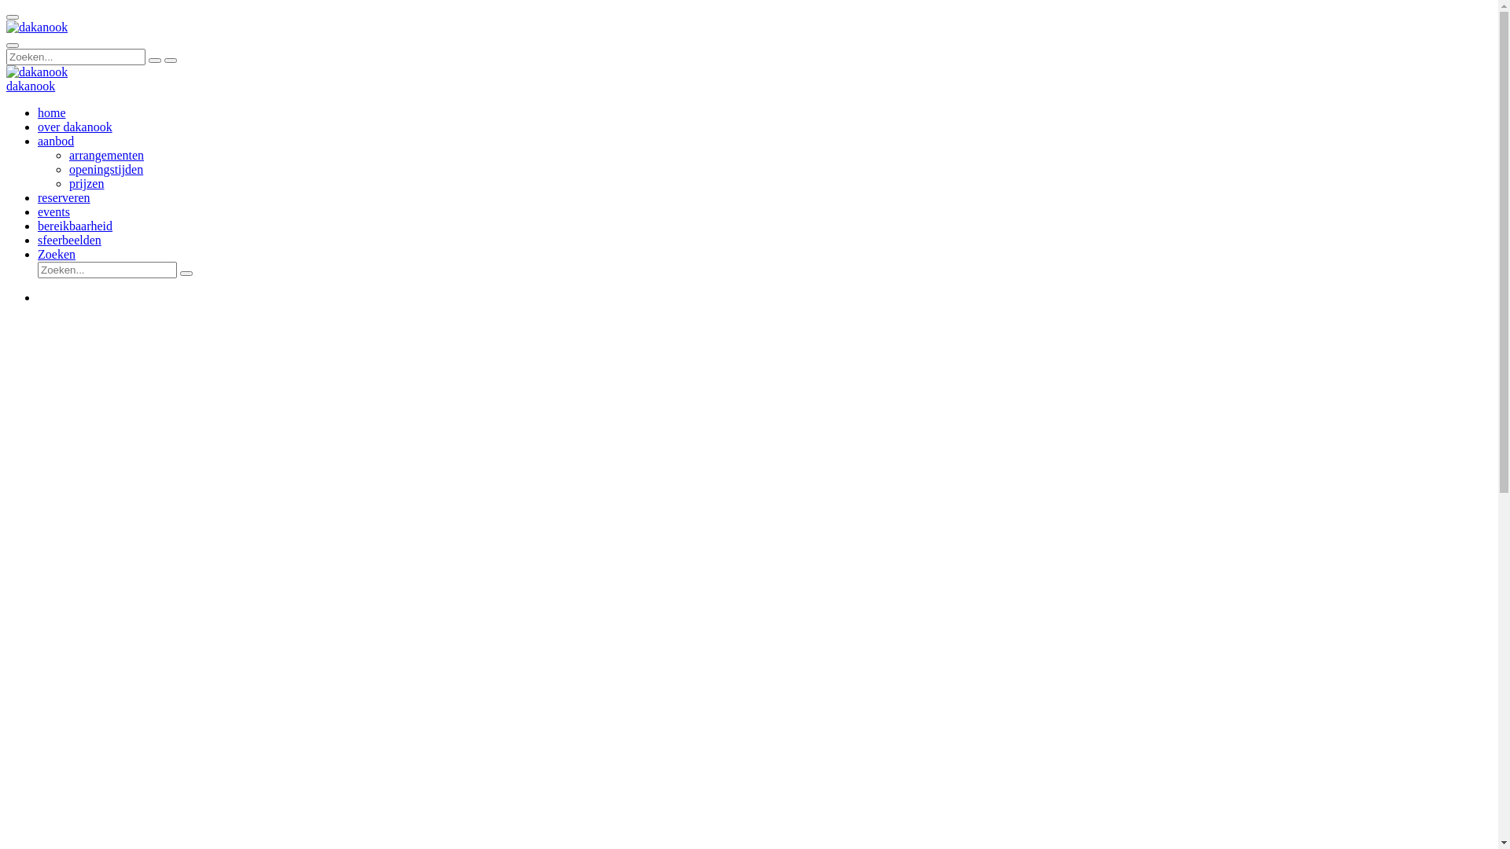 The width and height of the screenshot is (1510, 849). Describe the element at coordinates (37, 72) in the screenshot. I see `'dakanook'` at that location.